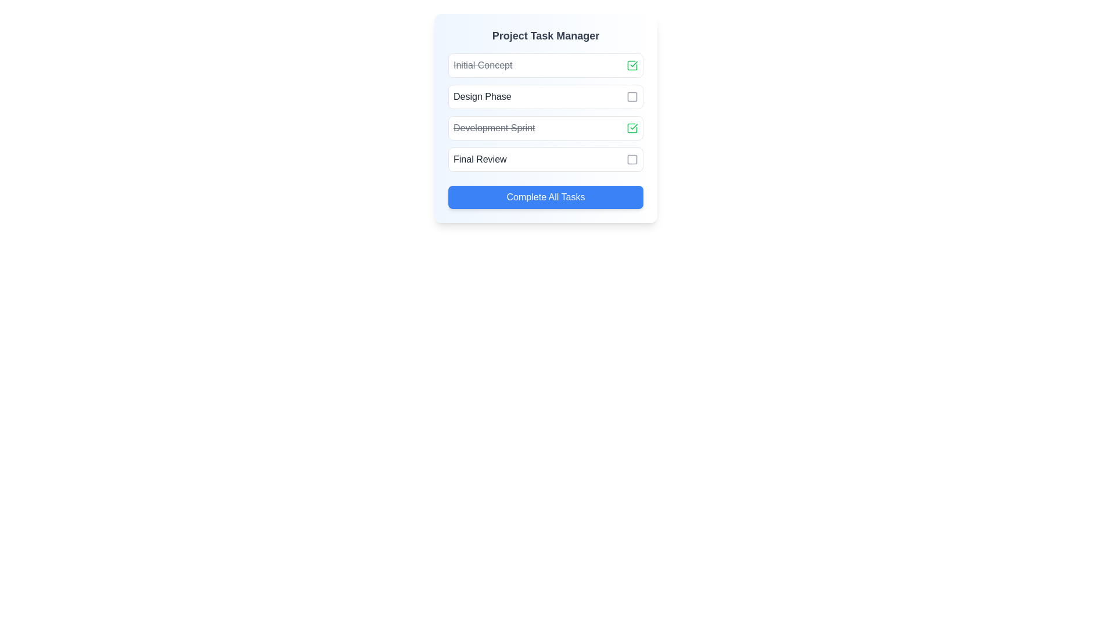 This screenshot has height=627, width=1115. What do you see at coordinates (632, 65) in the screenshot?
I see `the completion status icon located at the right end of the 'Initial Concept' row, adjacent to the crossed-out text` at bounding box center [632, 65].